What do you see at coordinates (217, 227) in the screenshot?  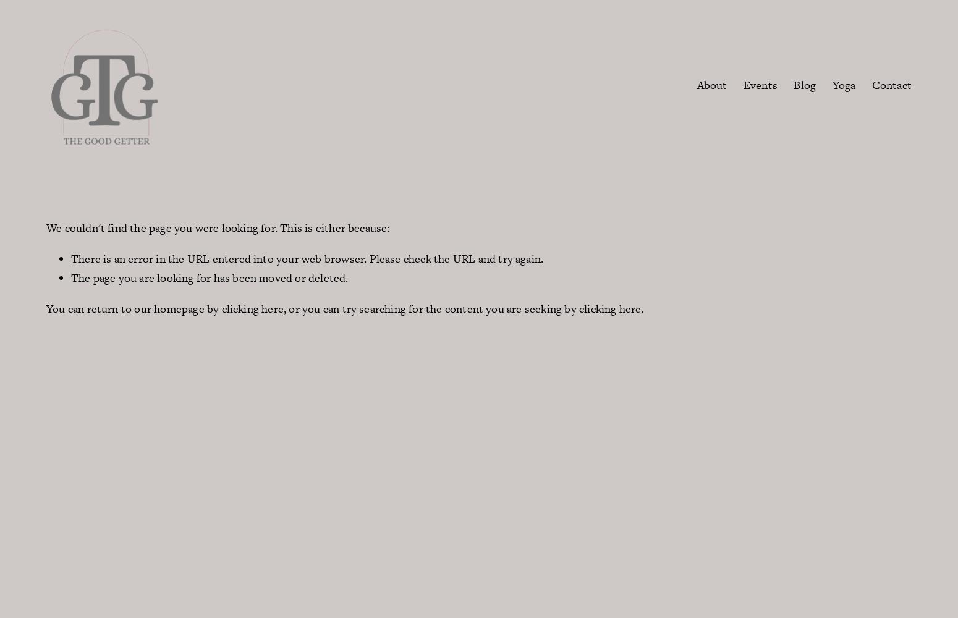 I see `'We couldn't find the page you were looking for. This is either because:'` at bounding box center [217, 227].